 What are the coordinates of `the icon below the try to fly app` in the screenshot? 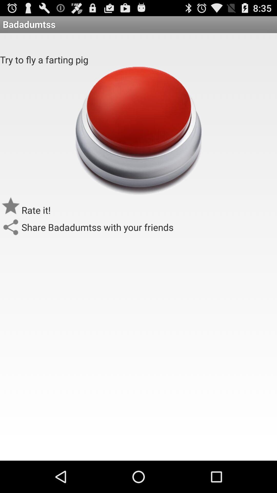 It's located at (138, 130).